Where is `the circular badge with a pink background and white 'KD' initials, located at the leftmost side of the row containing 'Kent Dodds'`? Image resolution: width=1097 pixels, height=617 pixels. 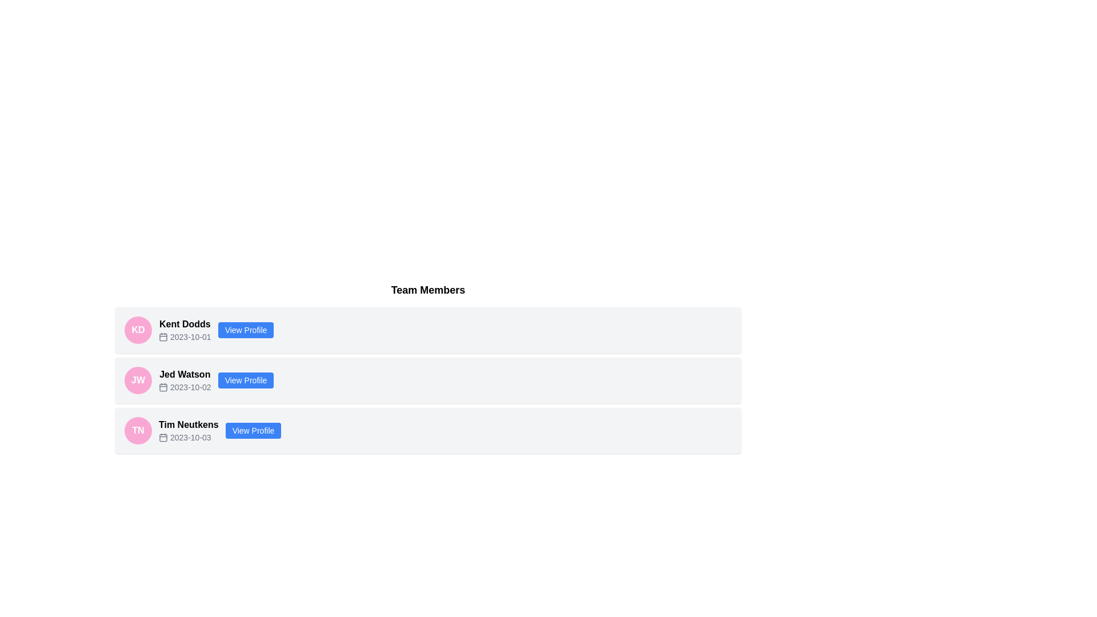
the circular badge with a pink background and white 'KD' initials, located at the leftmost side of the row containing 'Kent Dodds' is located at coordinates (137, 330).